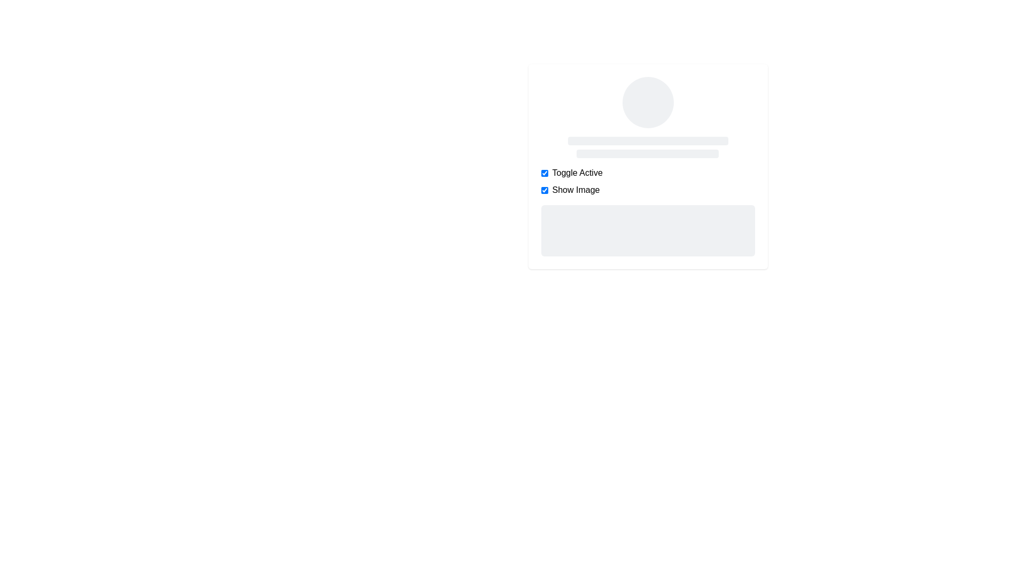 The width and height of the screenshot is (1026, 577). What do you see at coordinates (544, 189) in the screenshot?
I see `the small blue checkbox located to the left of the 'Show Image' label` at bounding box center [544, 189].